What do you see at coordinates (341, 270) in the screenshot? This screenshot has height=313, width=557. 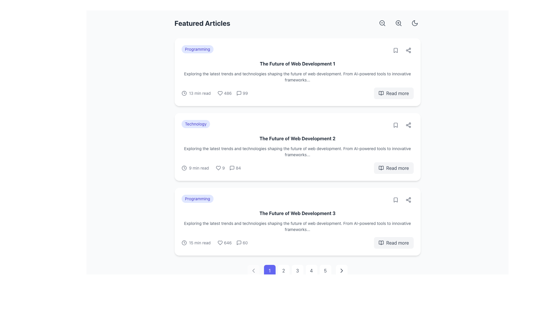 I see `the right arrow icon in the pagination control` at bounding box center [341, 270].